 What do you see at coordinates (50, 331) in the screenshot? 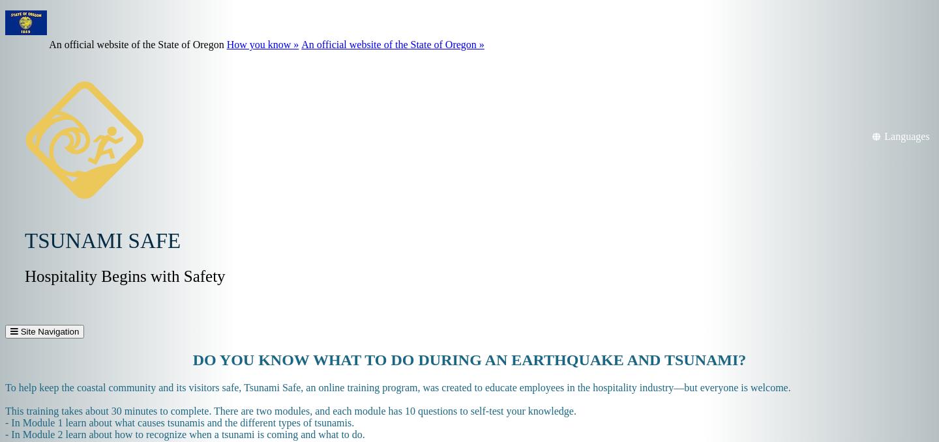
I see `'Site Navigation'` at bounding box center [50, 331].